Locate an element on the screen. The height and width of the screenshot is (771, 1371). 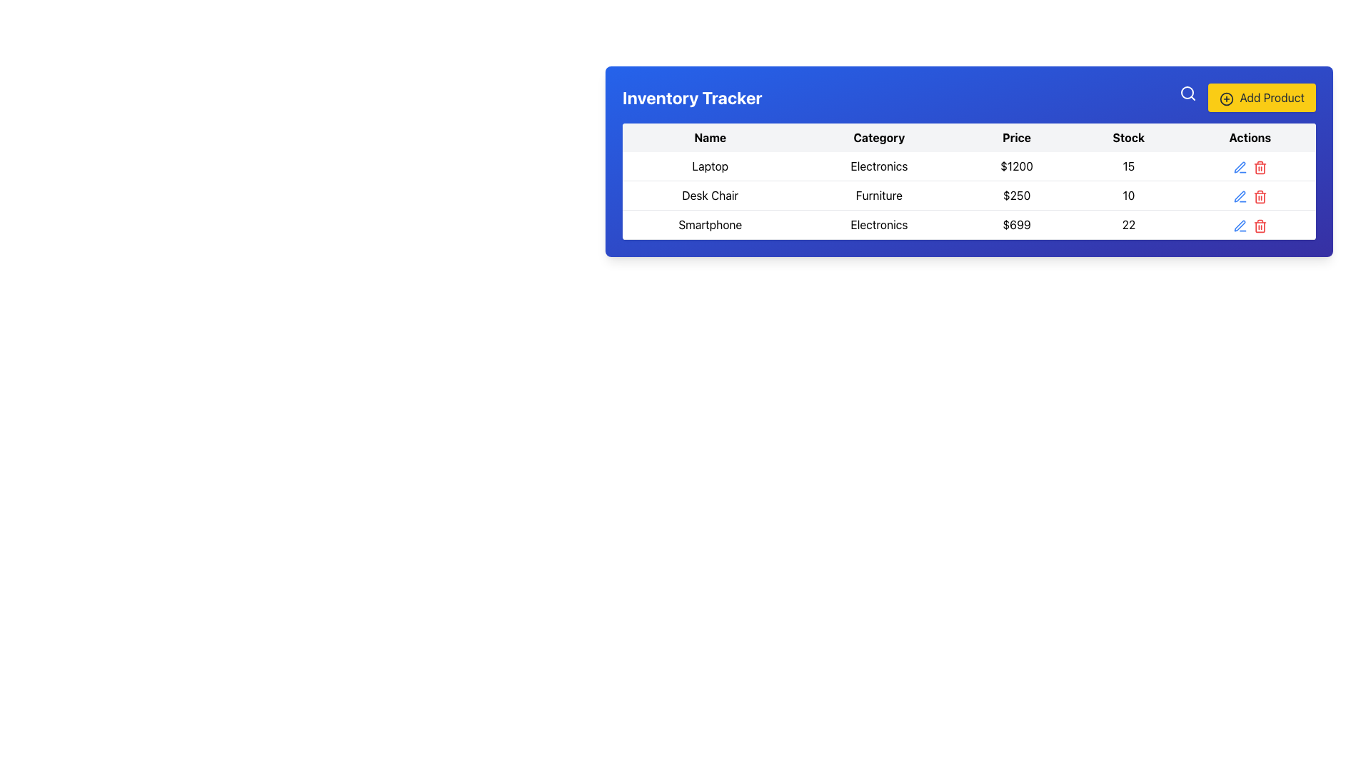
the red trash can icon button located in the 'Actions' column next to the 'Smartphone' row to initiate deletion is located at coordinates (1260, 225).